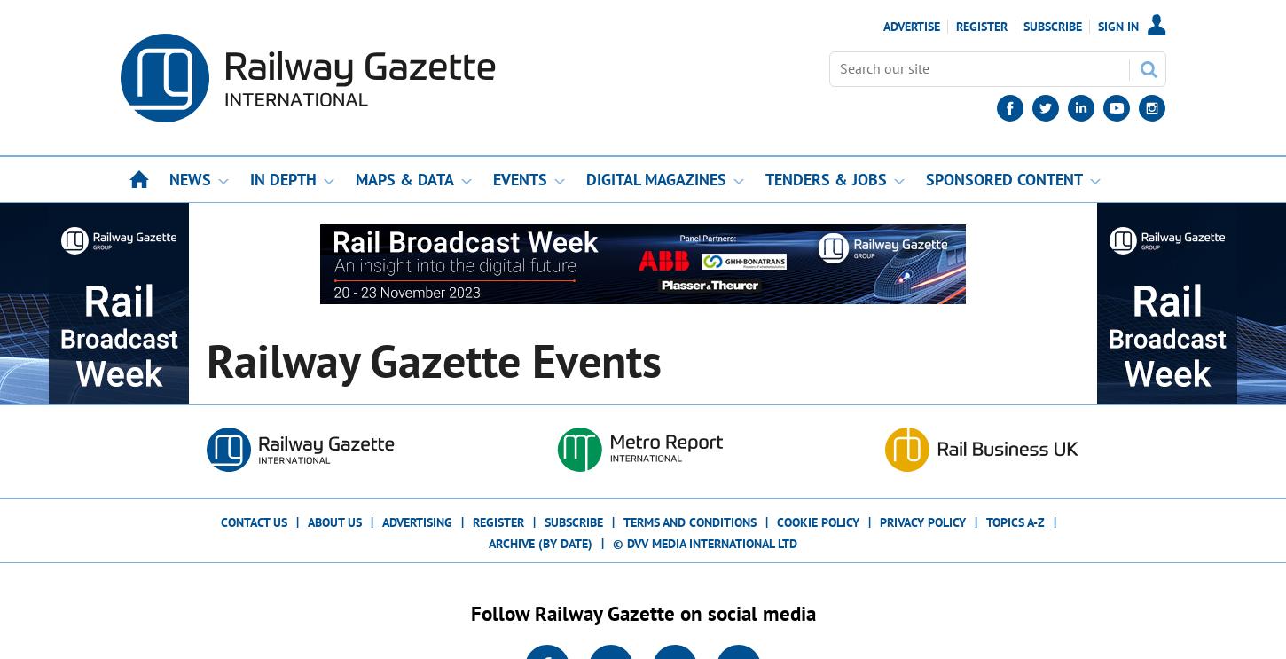 This screenshot has width=1286, height=659. Describe the element at coordinates (705, 542) in the screenshot. I see `'© DVV Media International Ltd'` at that location.